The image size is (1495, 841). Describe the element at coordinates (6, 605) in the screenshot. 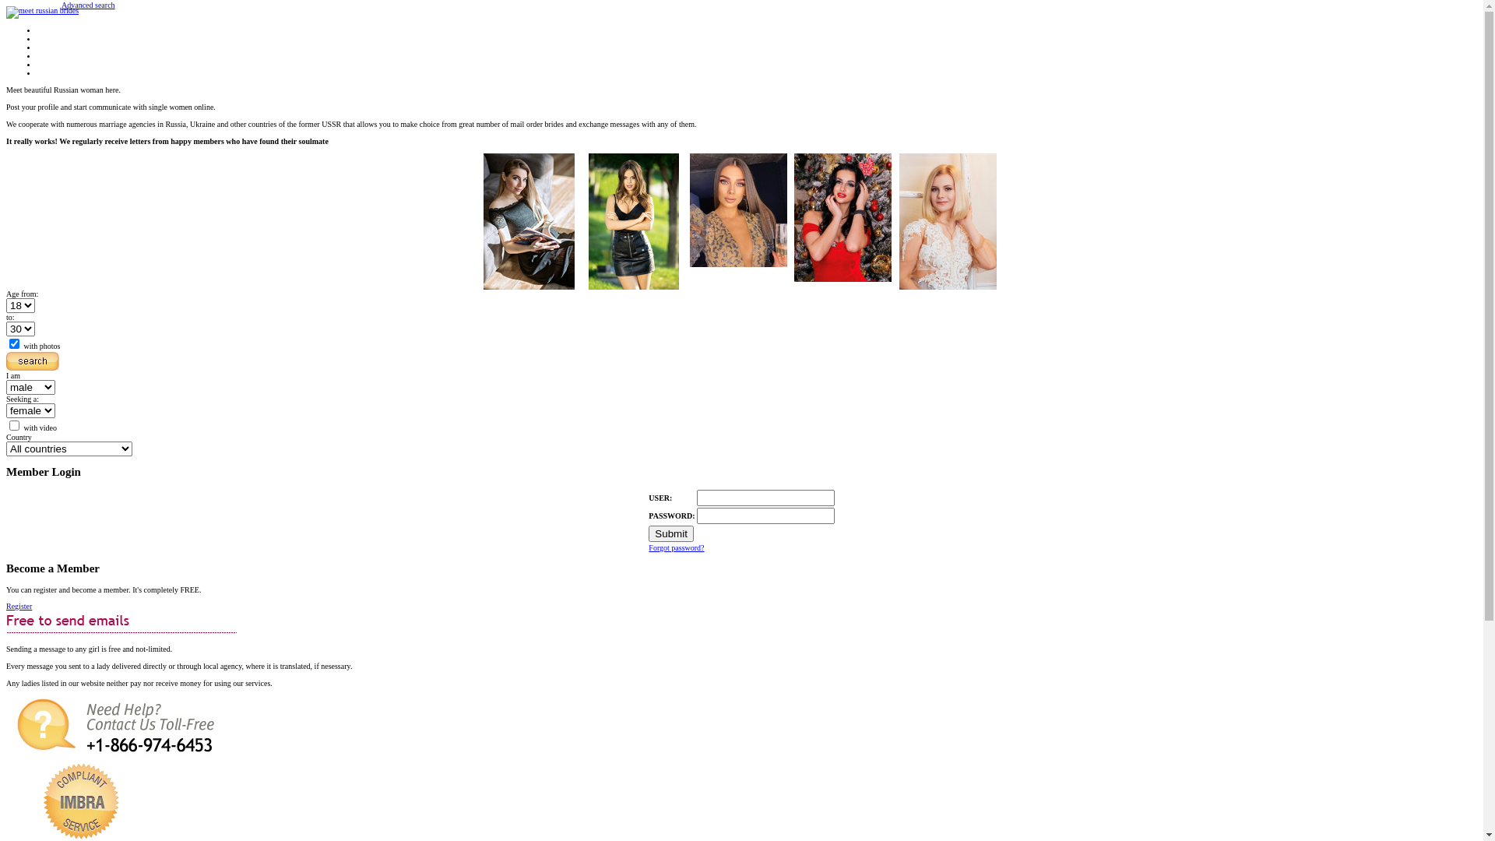

I see `'Register'` at that location.